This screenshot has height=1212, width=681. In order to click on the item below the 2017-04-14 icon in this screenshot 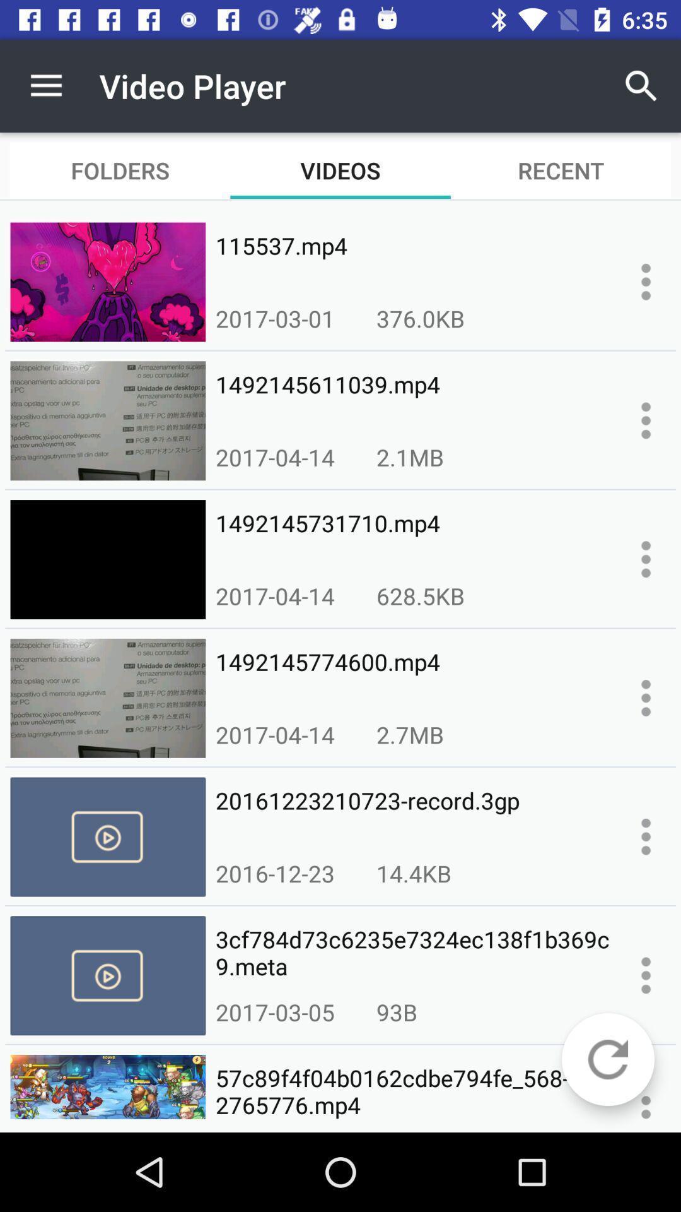, I will do `click(413, 814)`.